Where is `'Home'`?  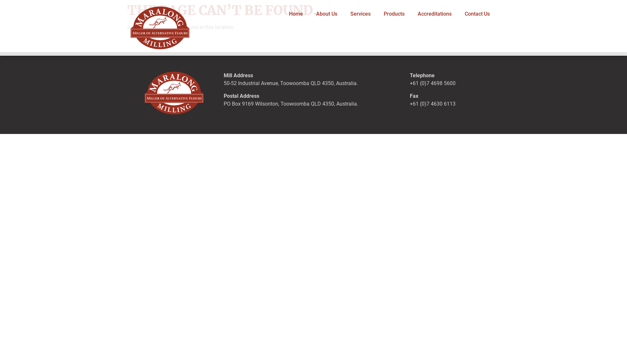 'Home' is located at coordinates (282, 14).